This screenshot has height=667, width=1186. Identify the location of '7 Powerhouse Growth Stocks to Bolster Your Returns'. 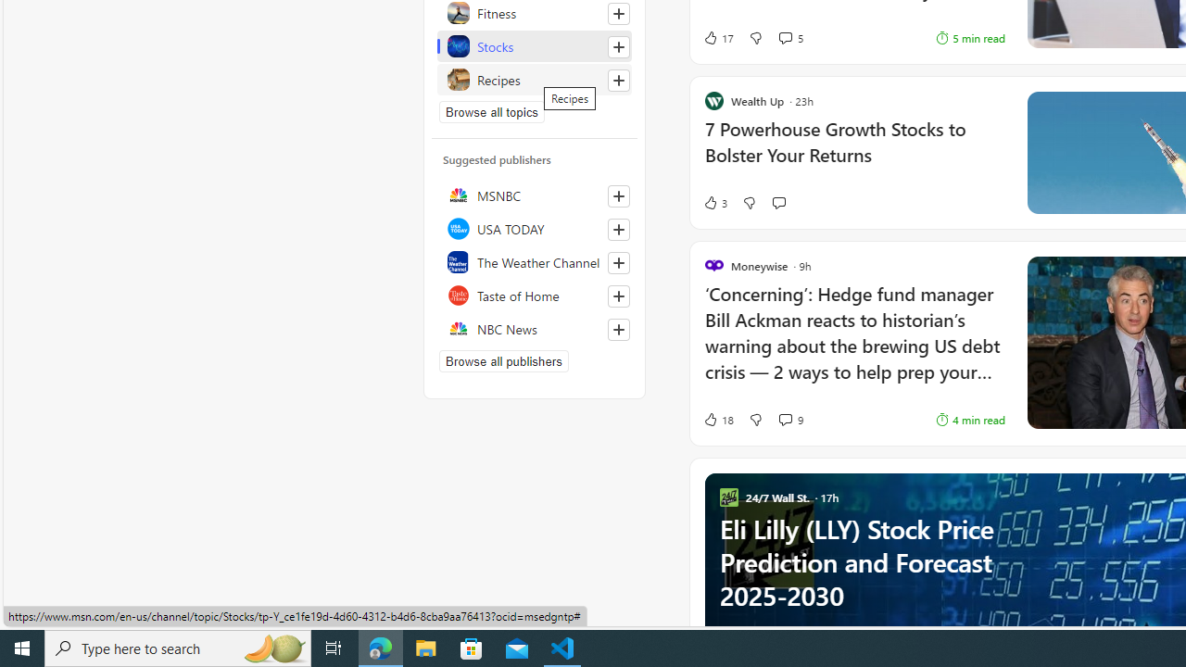
(853, 151).